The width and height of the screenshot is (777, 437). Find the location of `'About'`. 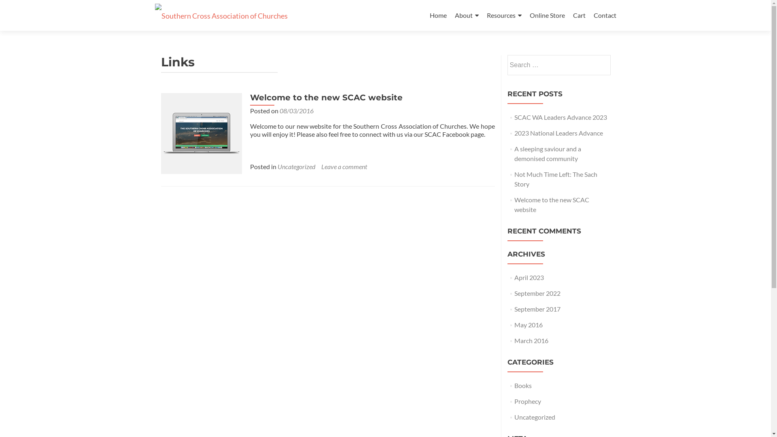

'About' is located at coordinates (467, 15).